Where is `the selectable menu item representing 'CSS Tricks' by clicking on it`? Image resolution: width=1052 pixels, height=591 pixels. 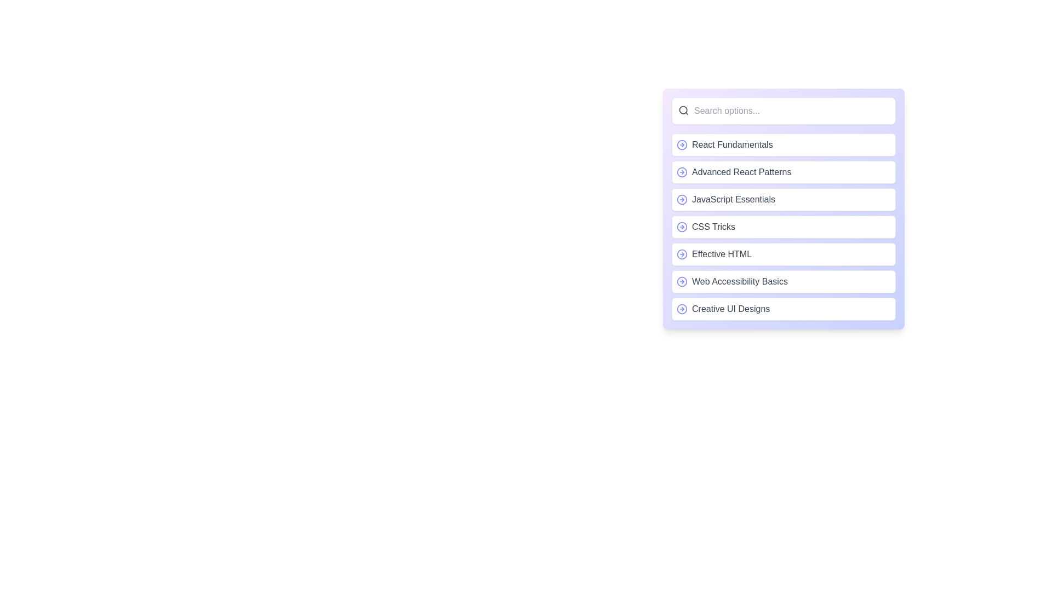
the selectable menu item representing 'CSS Tricks' by clicking on it is located at coordinates (783, 227).